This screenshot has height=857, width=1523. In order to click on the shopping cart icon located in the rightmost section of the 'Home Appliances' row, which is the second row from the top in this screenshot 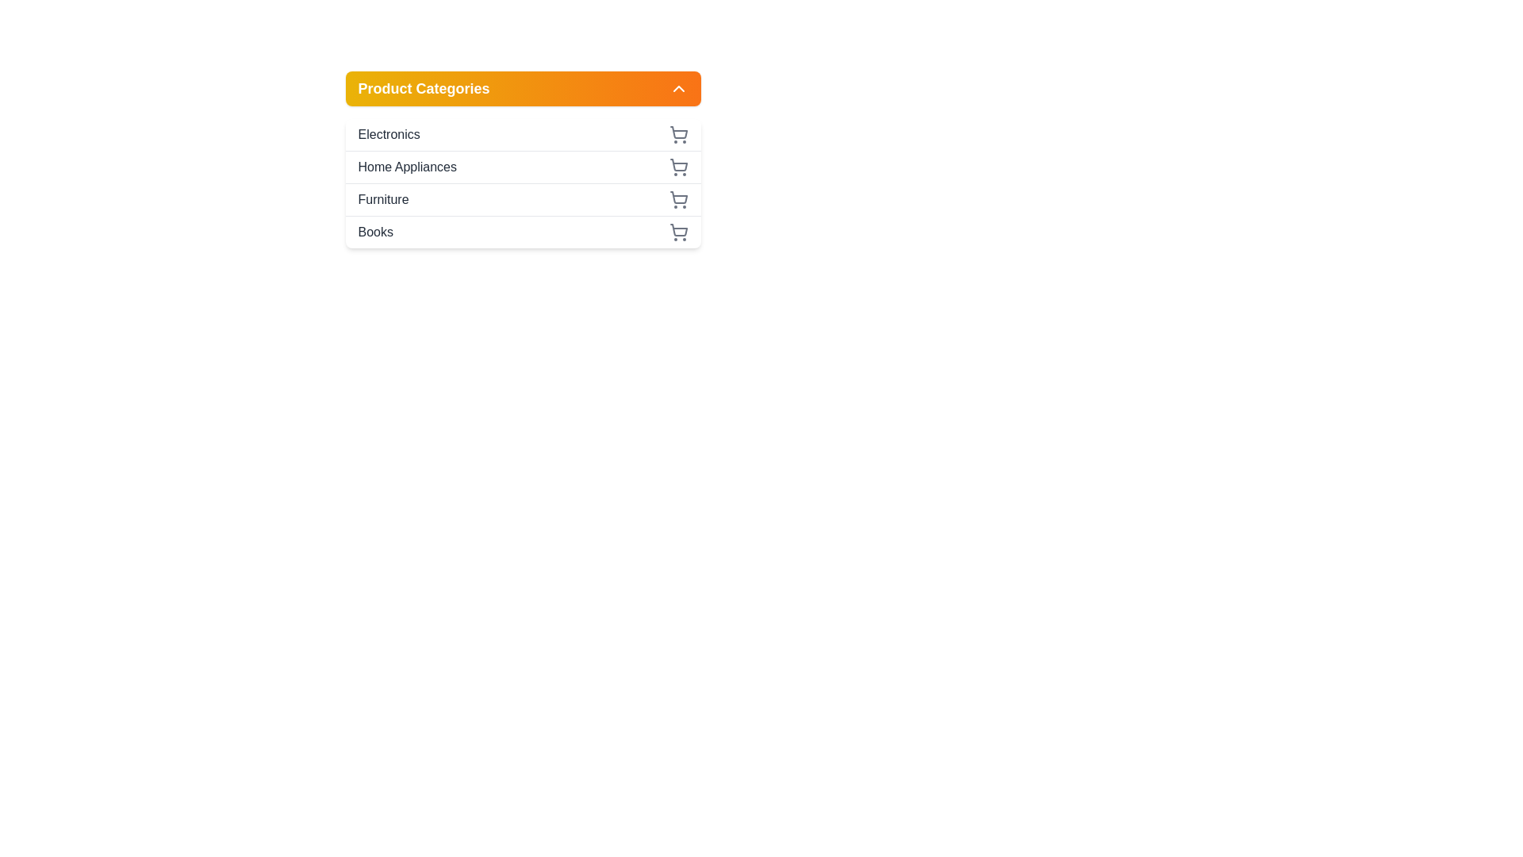, I will do `click(678, 167)`.